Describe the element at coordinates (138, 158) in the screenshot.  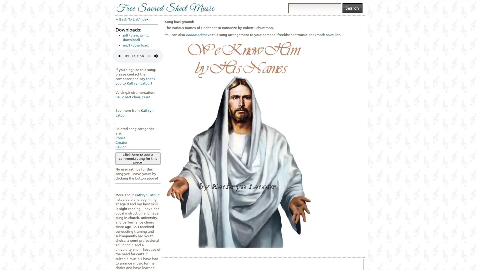
I see `Click here to add a comment/rating for this piece` at that location.